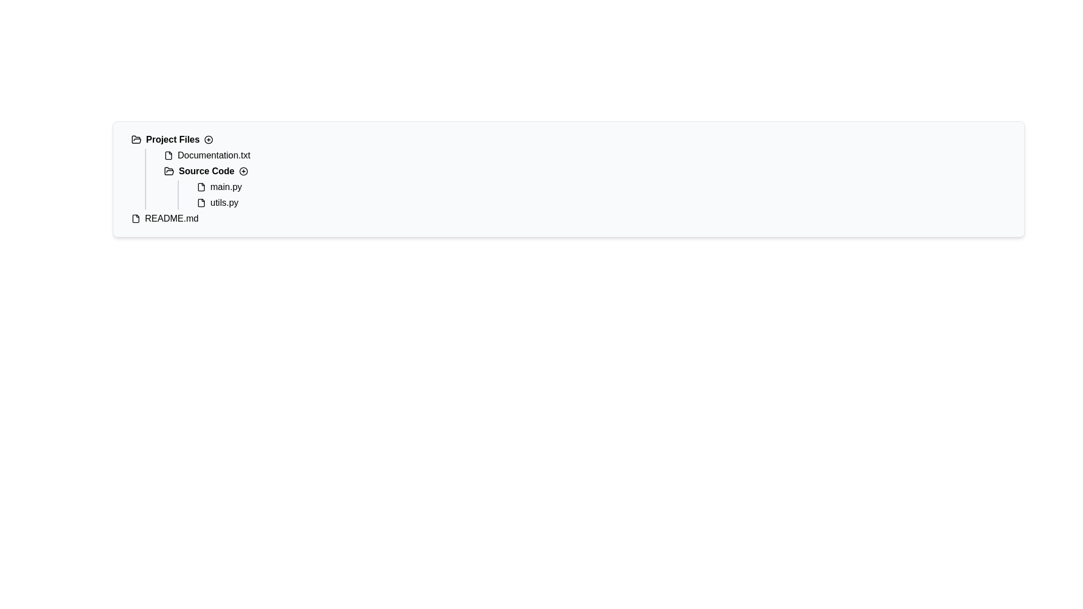 This screenshot has width=1083, height=609. What do you see at coordinates (135, 139) in the screenshot?
I see `the SVG Icon resembling a folder with an open appearance located next to the text 'Project Files' at the top of the file list` at bounding box center [135, 139].